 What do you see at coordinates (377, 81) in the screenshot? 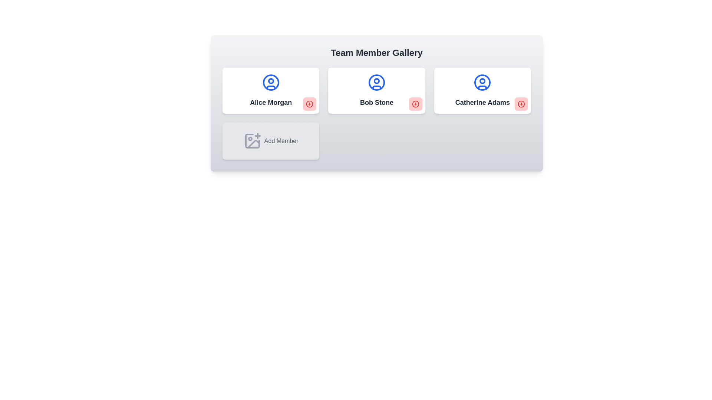
I see `the small circular profile icon representing Bob Stone in the Team Member Gallery` at bounding box center [377, 81].